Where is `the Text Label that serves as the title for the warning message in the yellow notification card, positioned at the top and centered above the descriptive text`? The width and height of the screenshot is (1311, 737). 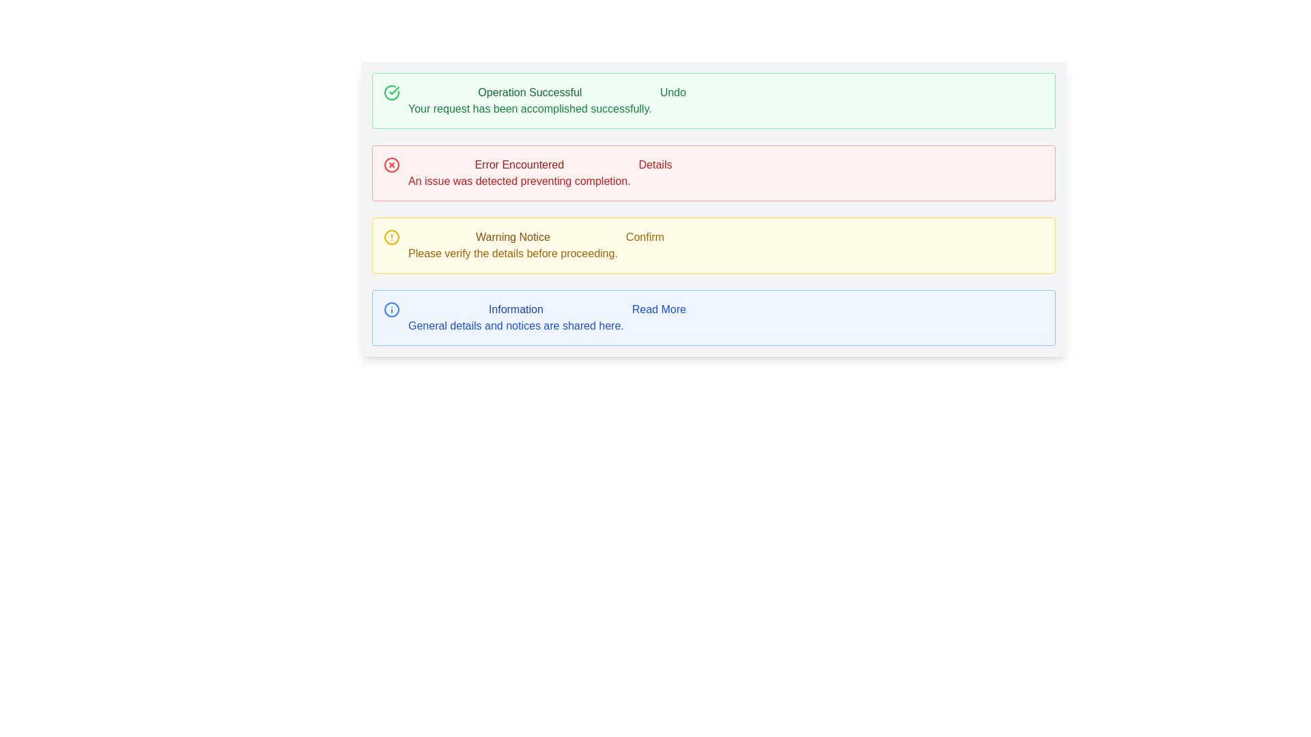 the Text Label that serves as the title for the warning message in the yellow notification card, positioned at the top and centered above the descriptive text is located at coordinates (512, 236).